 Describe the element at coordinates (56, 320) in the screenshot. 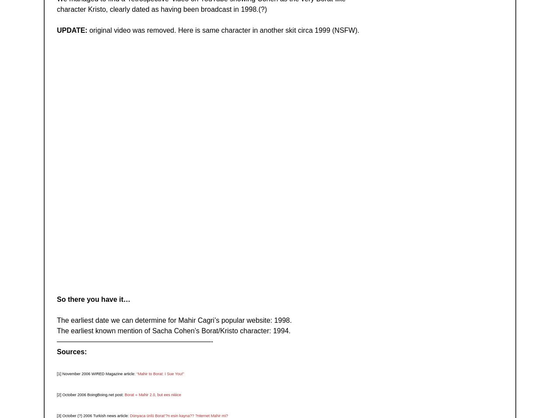

I see `'The earliest date we can determine for Mahir Cagri’s popular website: 1998.'` at that location.